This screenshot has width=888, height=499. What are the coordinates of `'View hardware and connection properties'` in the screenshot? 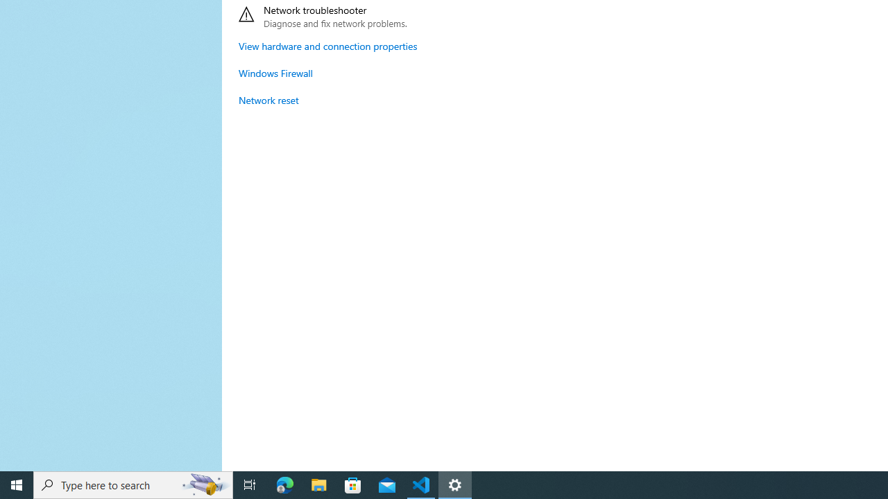 It's located at (327, 45).